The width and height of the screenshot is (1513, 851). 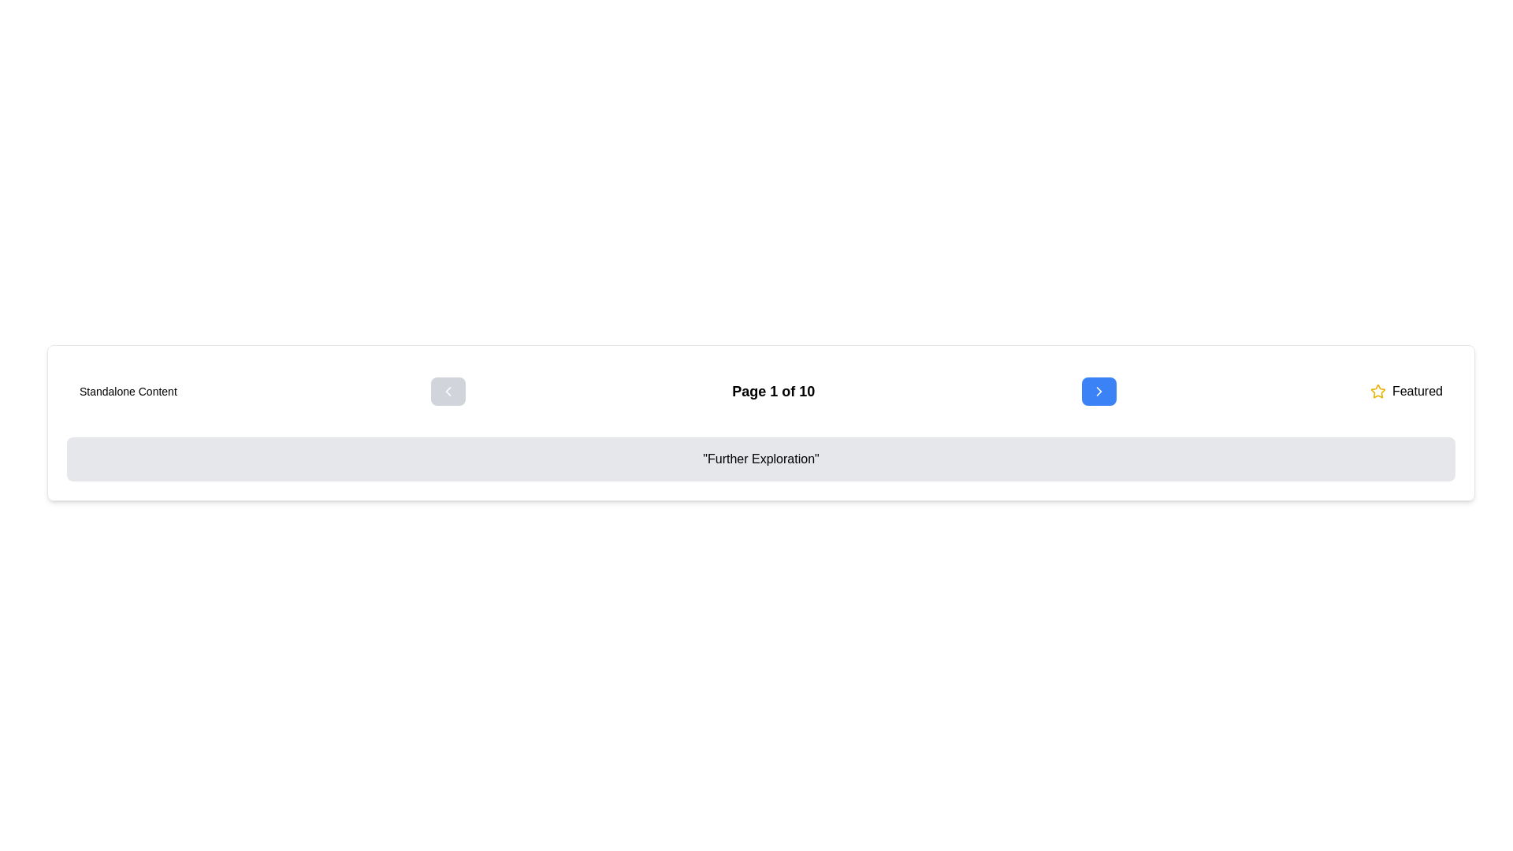 What do you see at coordinates (1377, 391) in the screenshot?
I see `the star icon that indicates 'Featured' items, located towards the upper right corner of the interface` at bounding box center [1377, 391].